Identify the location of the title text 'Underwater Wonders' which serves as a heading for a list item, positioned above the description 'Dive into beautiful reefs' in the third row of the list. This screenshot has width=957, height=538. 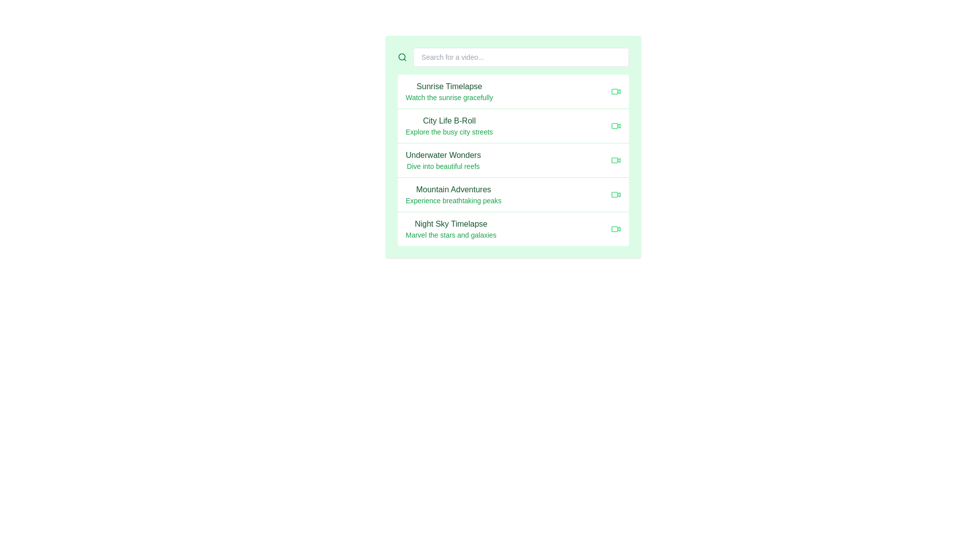
(443, 155).